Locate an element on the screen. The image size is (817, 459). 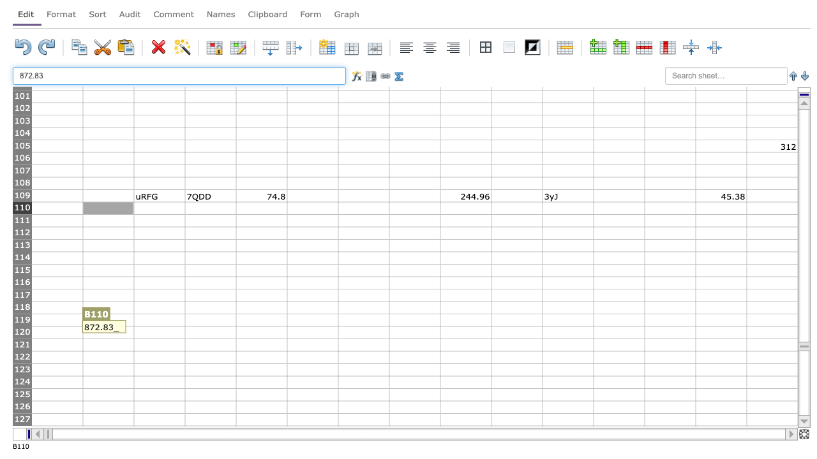
C-120 is located at coordinates (158, 331).